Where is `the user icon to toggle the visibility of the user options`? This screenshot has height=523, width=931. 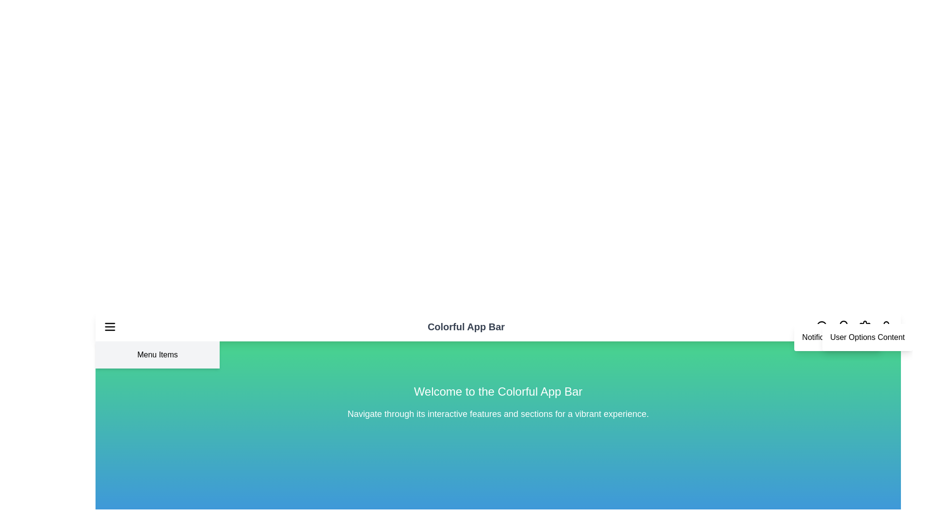 the user icon to toggle the visibility of the user options is located at coordinates (886, 327).